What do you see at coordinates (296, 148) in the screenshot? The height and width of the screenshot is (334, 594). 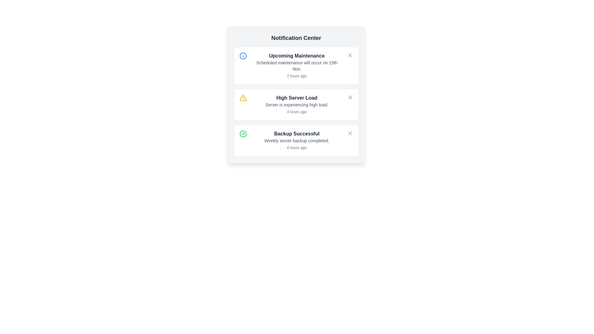 I see `the static text label that reads '6 hours ago.' located beneath the description 'Weekly server backup completed.' in the third notification card labeled 'Backup Successful.'` at bounding box center [296, 148].